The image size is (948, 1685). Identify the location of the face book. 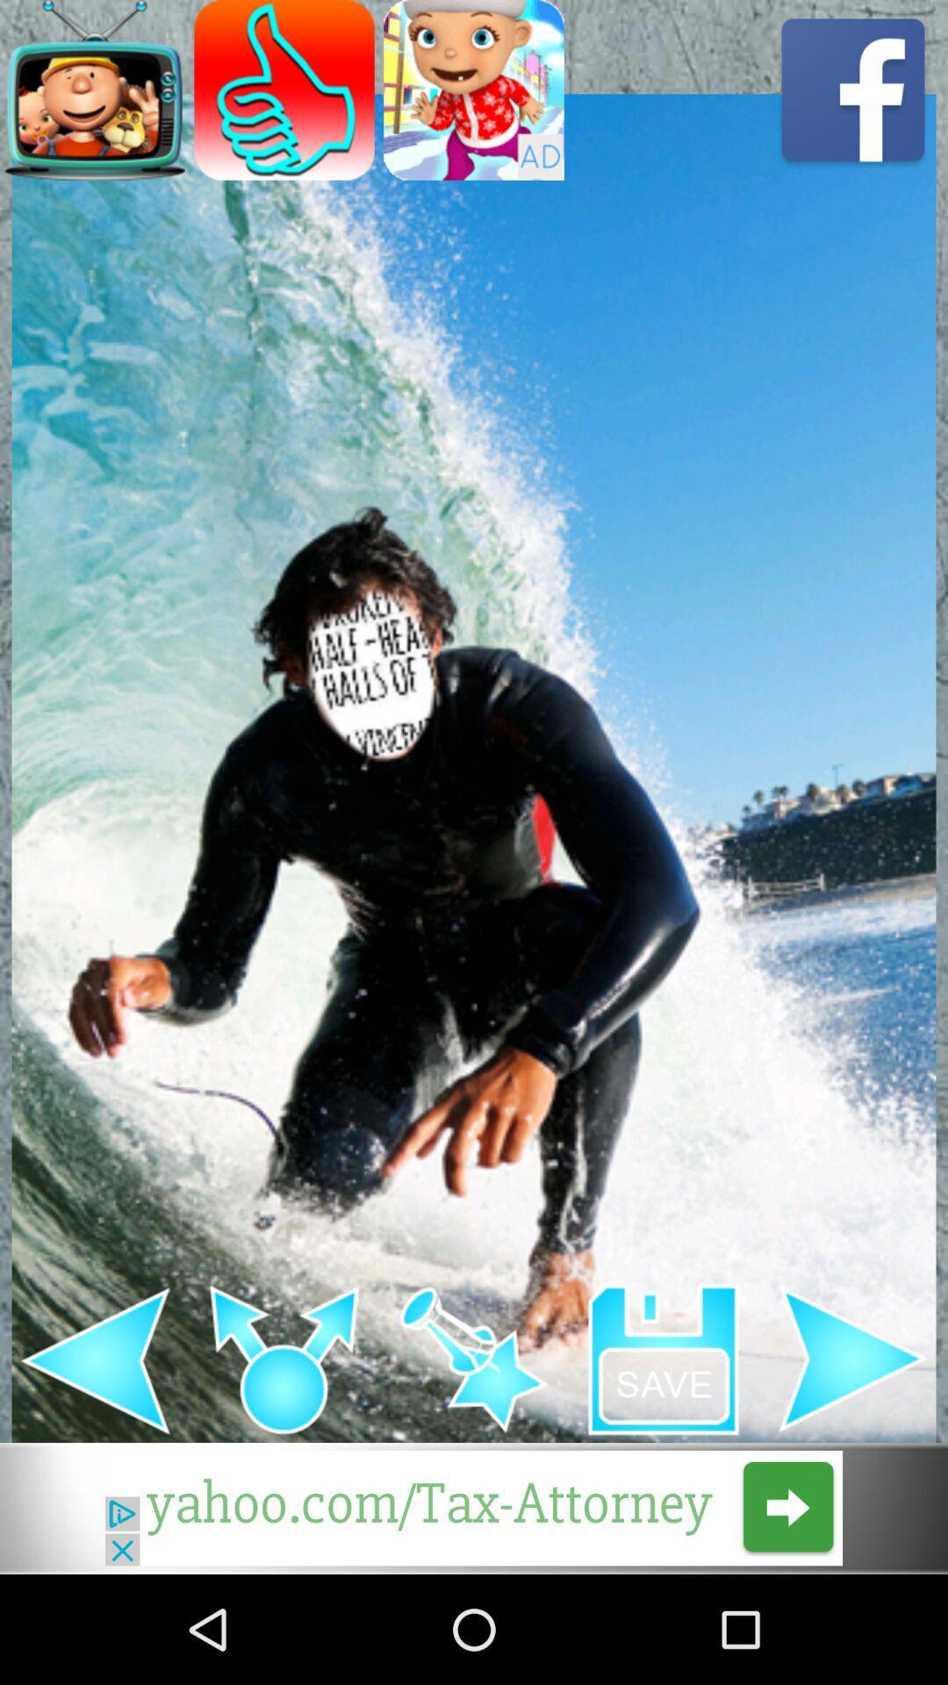
(852, 89).